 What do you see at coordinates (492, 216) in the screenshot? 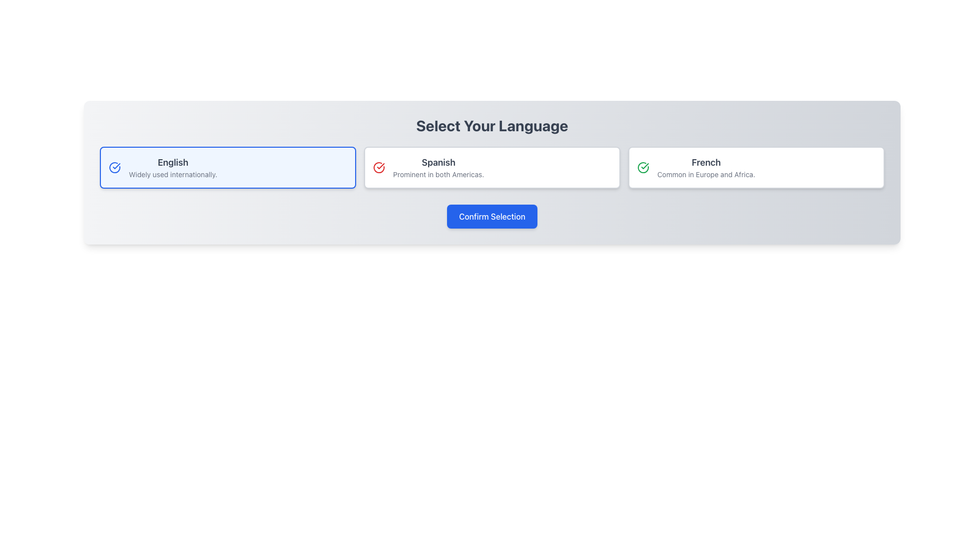
I see `the blue button labeled 'Confirm Selection' located below the language options in the user interface card to confirm the selection` at bounding box center [492, 216].